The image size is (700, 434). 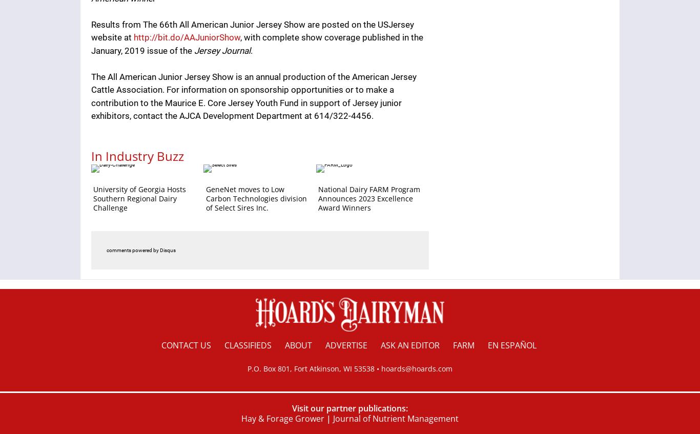 I want to click on 'Contact us', so click(x=161, y=345).